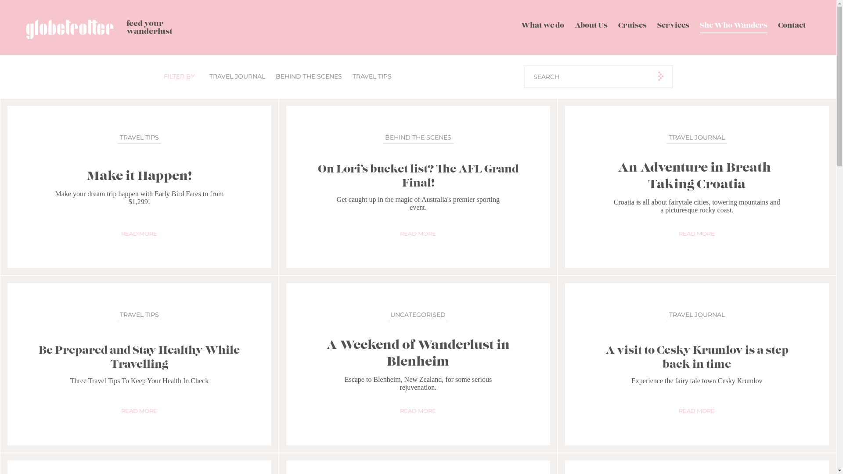  I want to click on 'She Who Wanders', so click(733, 27).